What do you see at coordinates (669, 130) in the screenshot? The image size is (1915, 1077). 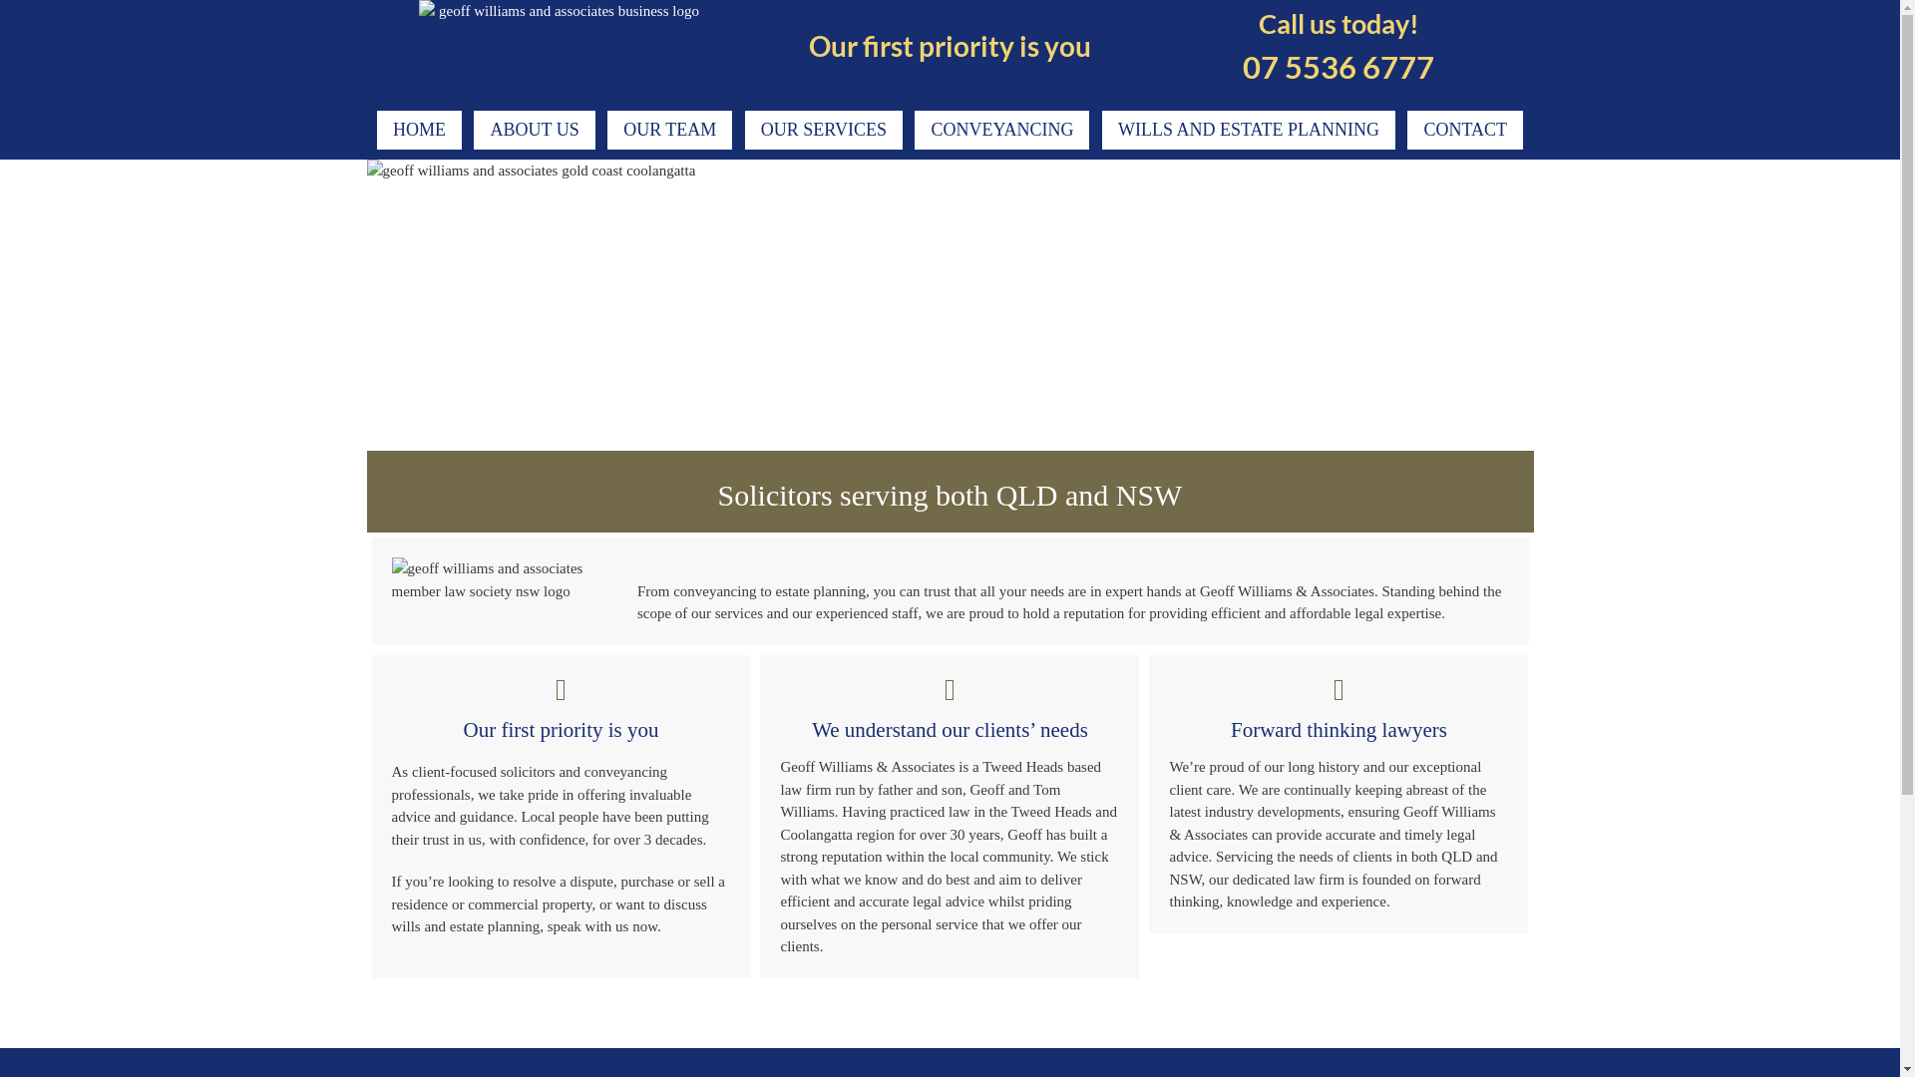 I see `'OUR TEAM'` at bounding box center [669, 130].